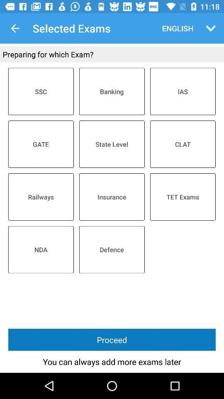 This screenshot has height=399, width=224. Describe the element at coordinates (112, 340) in the screenshot. I see `proceed` at that location.